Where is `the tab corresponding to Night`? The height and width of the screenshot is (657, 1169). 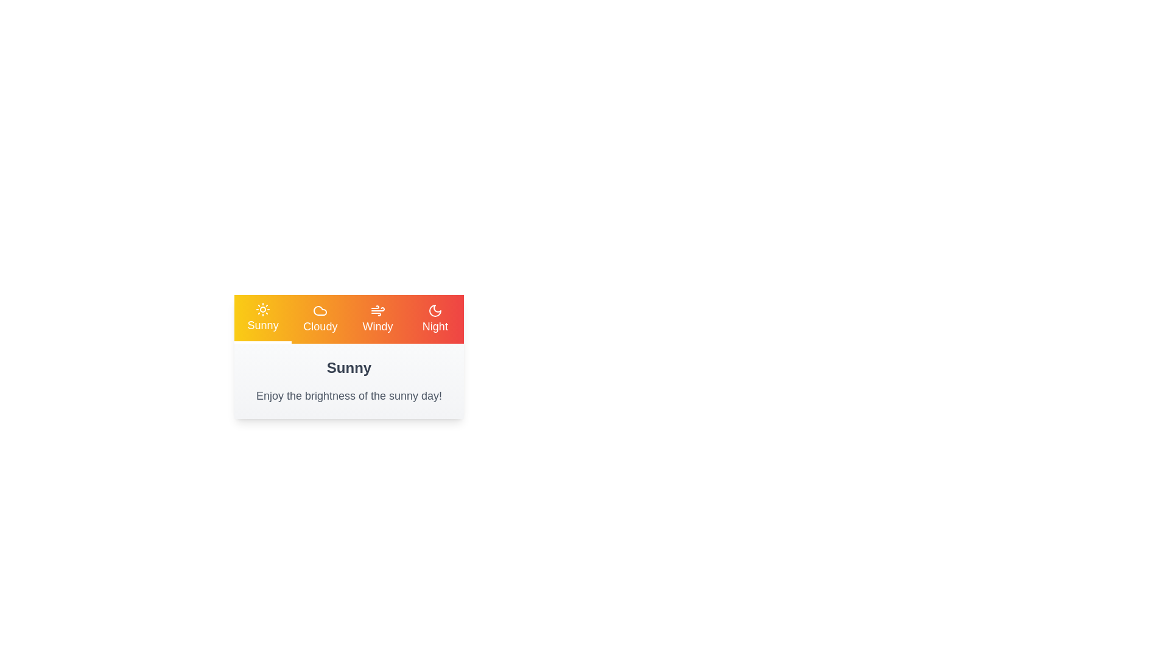
the tab corresponding to Night is located at coordinates (435, 318).